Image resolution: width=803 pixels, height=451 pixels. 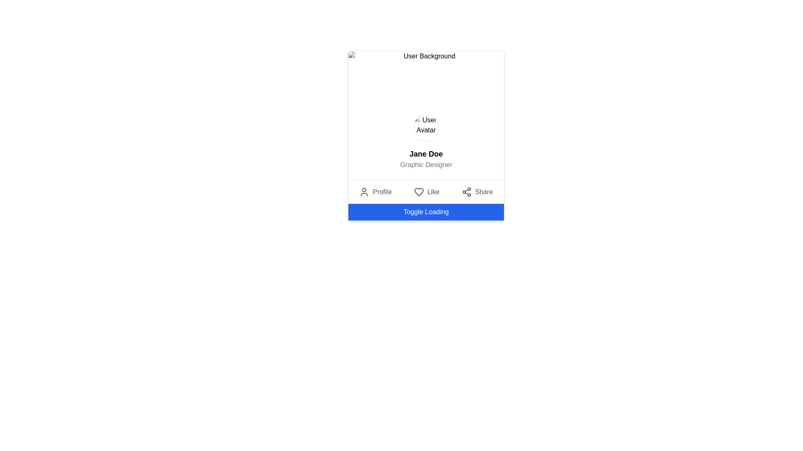 What do you see at coordinates (419, 192) in the screenshot?
I see `heart icon within the 'Like' button for accessibility purposes` at bounding box center [419, 192].